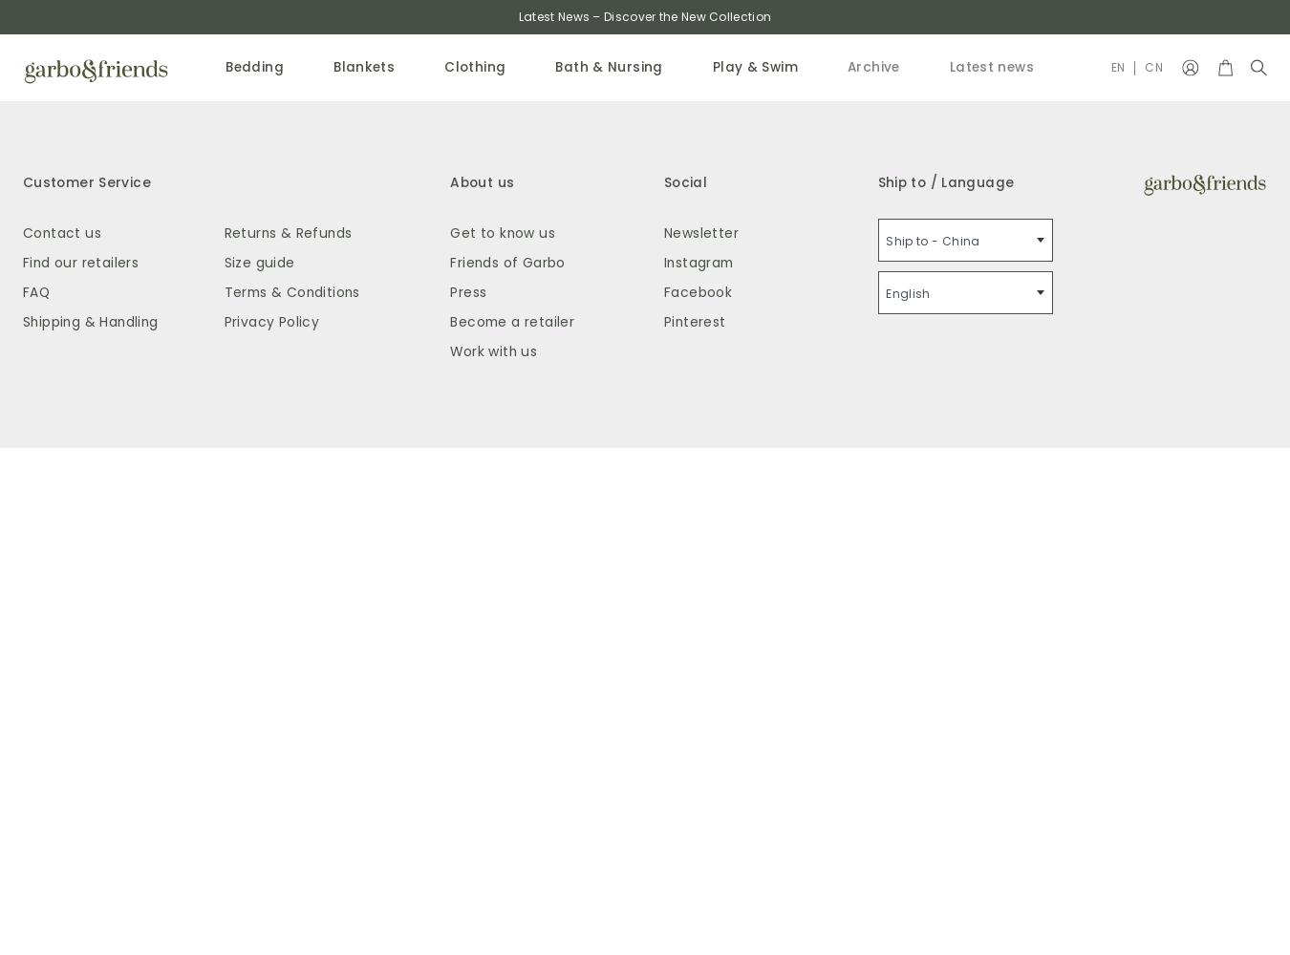  What do you see at coordinates (510, 320) in the screenshot?
I see `'Become a retailer'` at bounding box center [510, 320].